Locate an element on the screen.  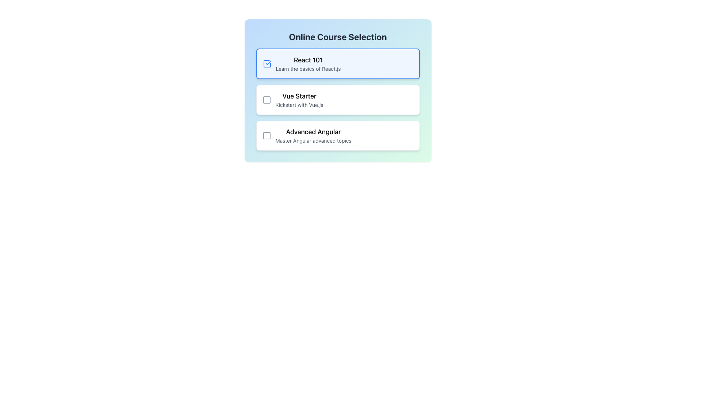
the selectable option for the 'Advanced Angular' course, which is the third item in the list, providing an overview and details about the course is located at coordinates (313, 135).